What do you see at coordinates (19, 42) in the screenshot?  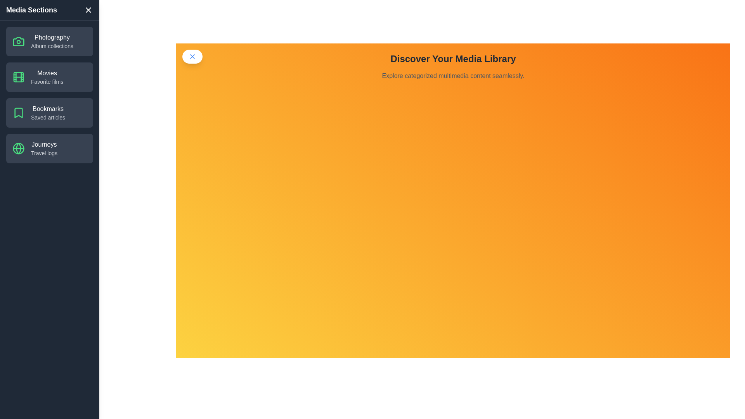 I see `the category item containing the icon for Photography` at bounding box center [19, 42].